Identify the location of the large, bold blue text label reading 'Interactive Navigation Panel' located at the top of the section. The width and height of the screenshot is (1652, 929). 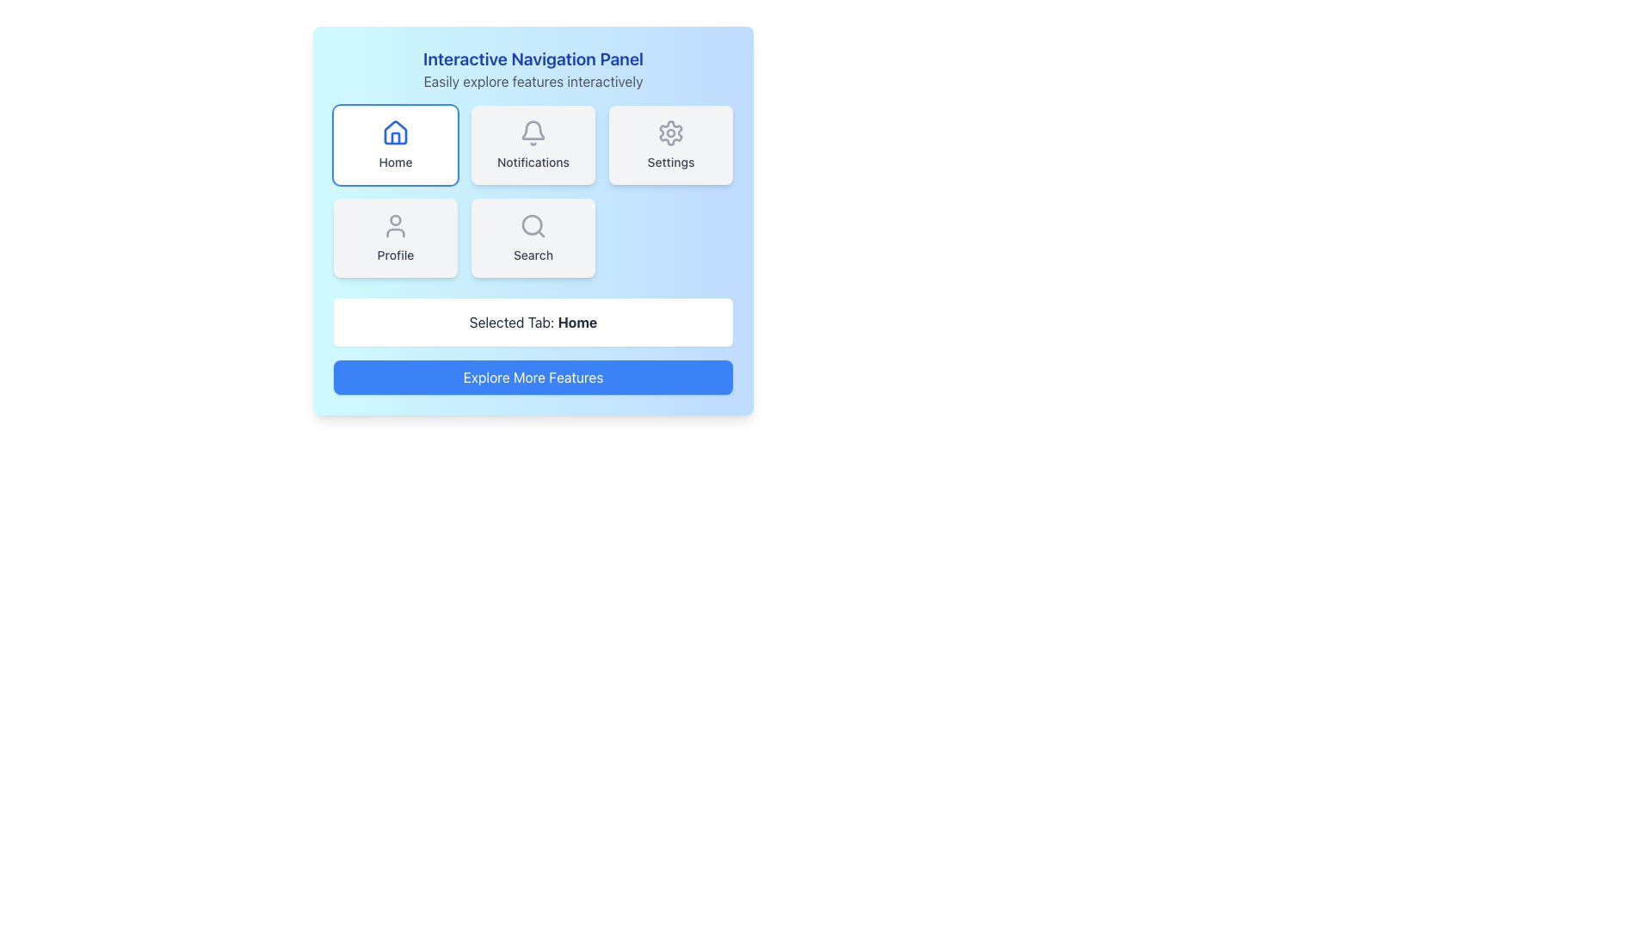
(532, 58).